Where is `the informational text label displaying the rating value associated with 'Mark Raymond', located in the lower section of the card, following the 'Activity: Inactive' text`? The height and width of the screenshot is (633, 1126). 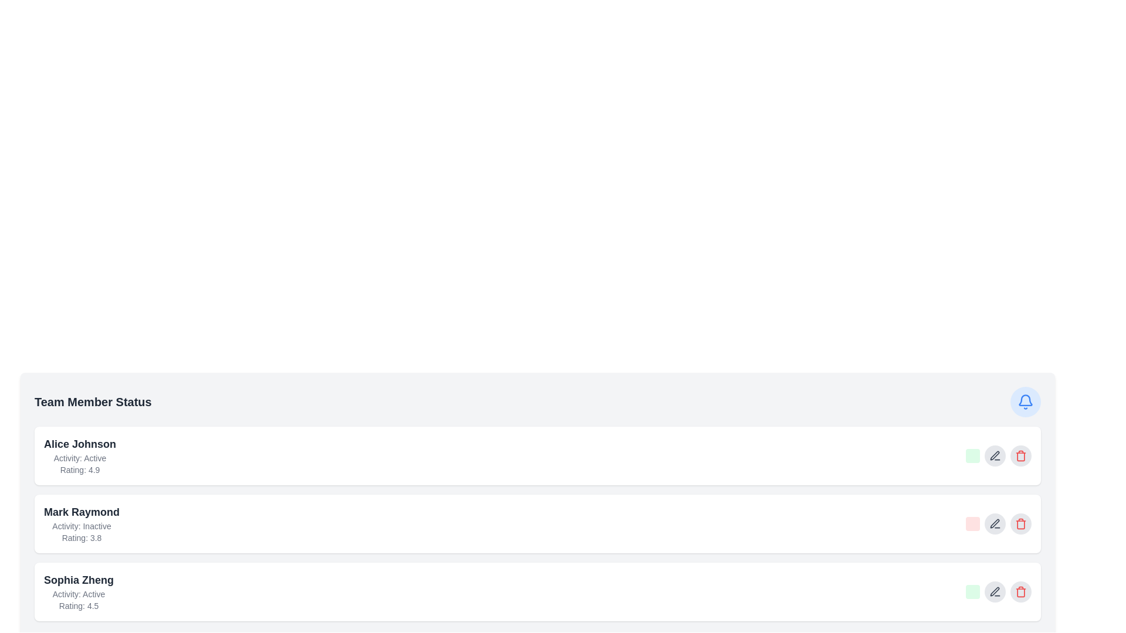 the informational text label displaying the rating value associated with 'Mark Raymond', located in the lower section of the card, following the 'Activity: Inactive' text is located at coordinates (81, 538).